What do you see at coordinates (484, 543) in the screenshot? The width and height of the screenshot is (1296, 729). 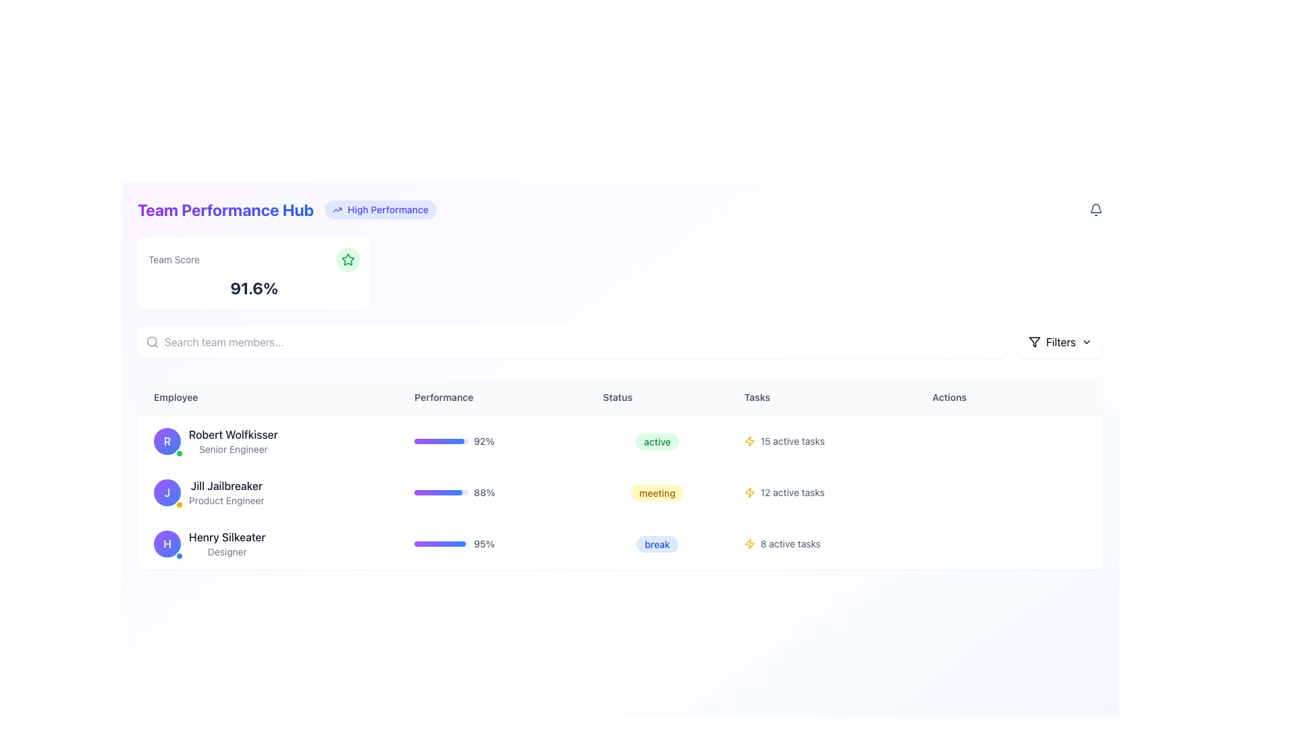 I see `the text label displaying '95%' which is located to the right of the progress bar in the 'Performance' column of the third row in the table` at bounding box center [484, 543].